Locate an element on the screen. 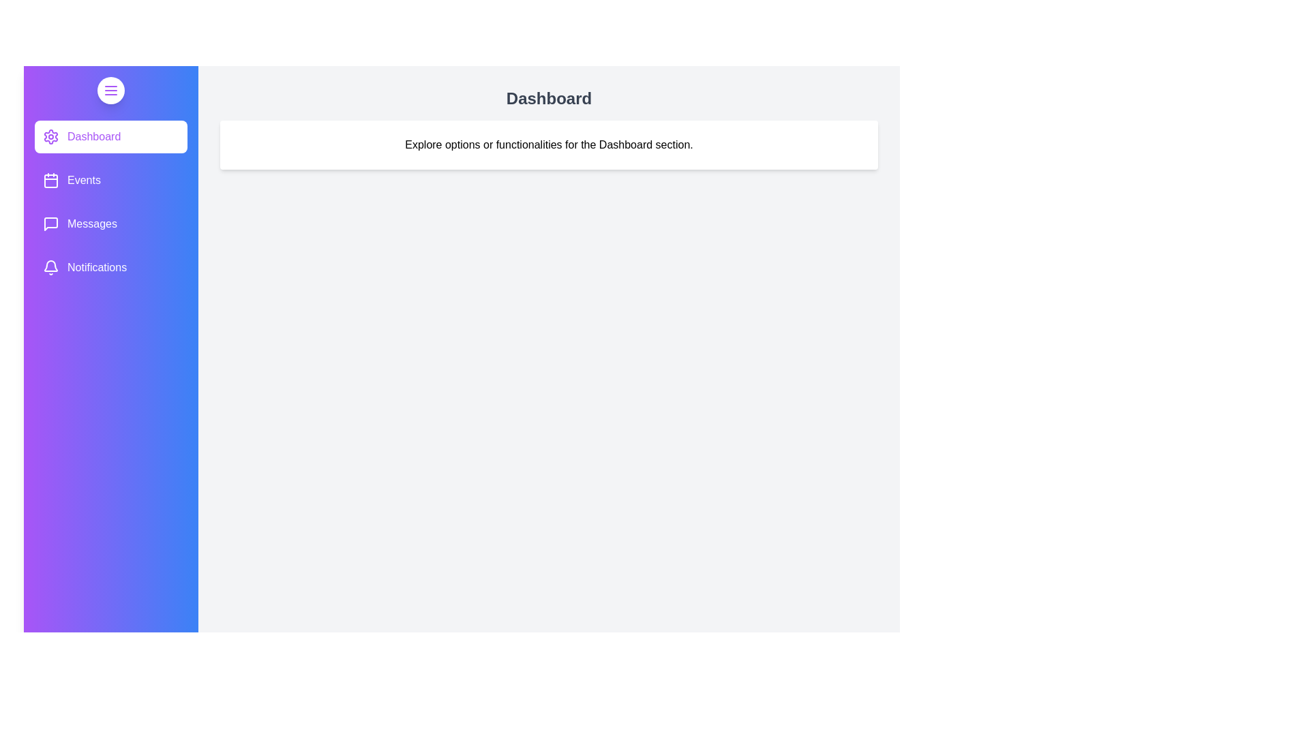  the Messages section in the sidebar to switch the active view is located at coordinates (111, 223).